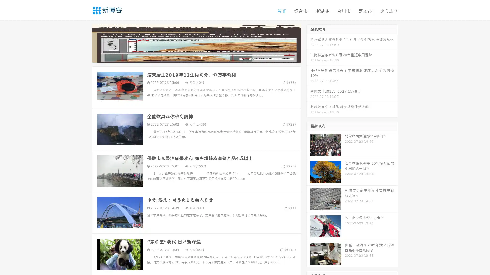 This screenshot has height=275, width=490. I want to click on Go to slide 1, so click(191, 57).